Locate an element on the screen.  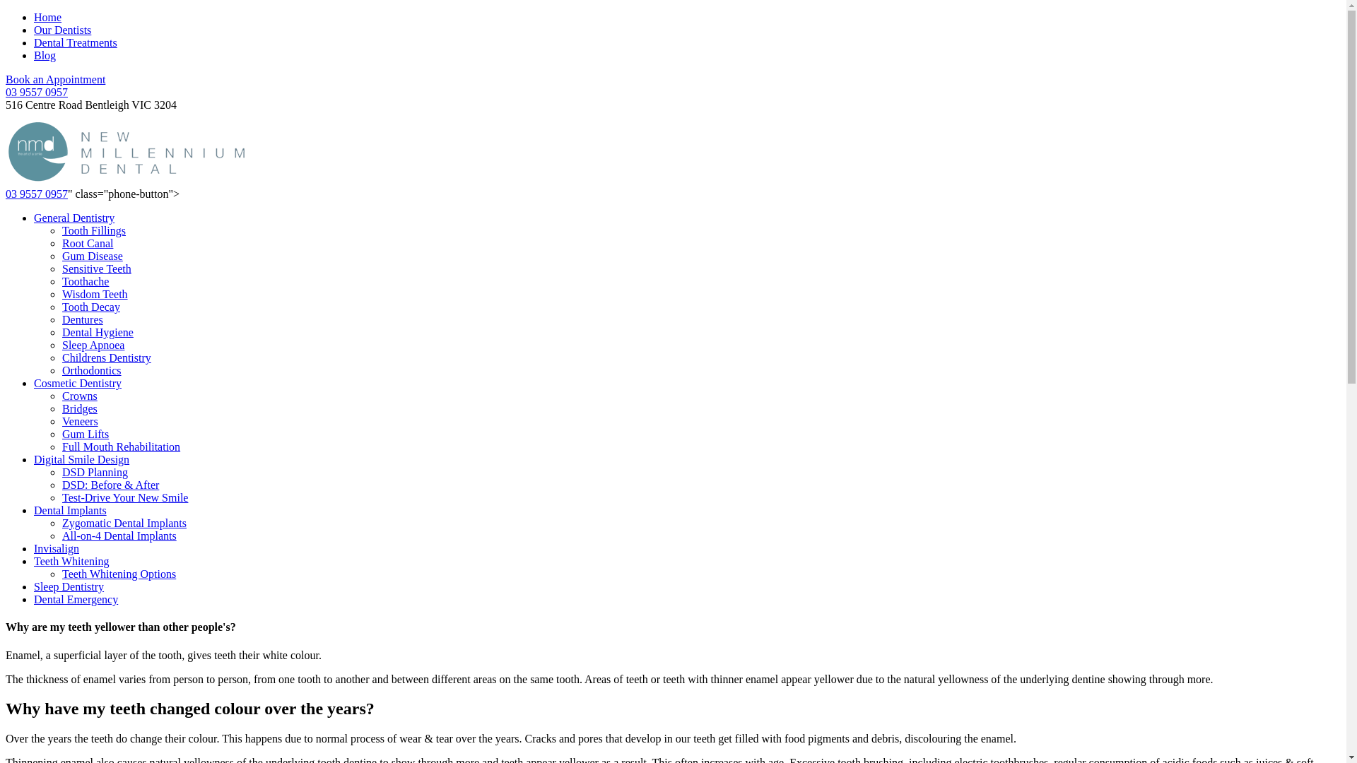
'Veneers' is located at coordinates (79, 420).